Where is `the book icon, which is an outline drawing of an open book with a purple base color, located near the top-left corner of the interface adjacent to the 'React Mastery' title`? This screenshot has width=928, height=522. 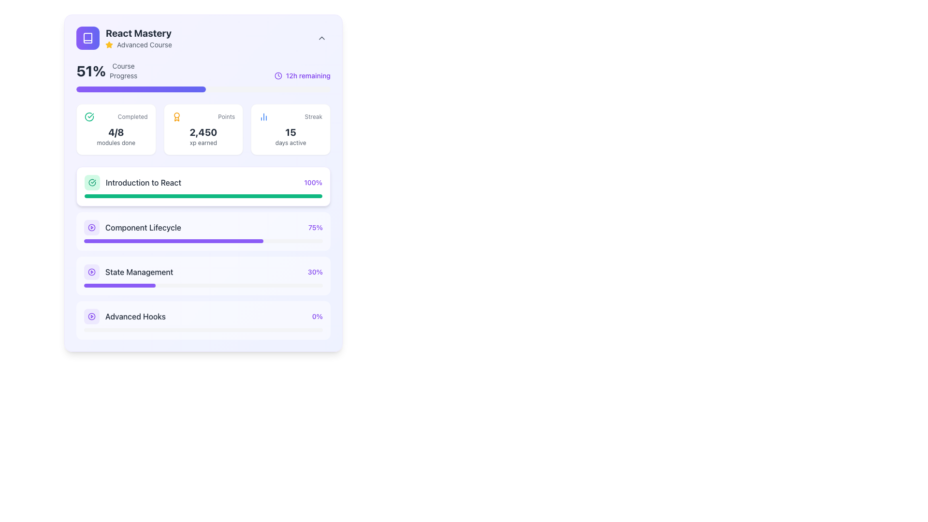
the book icon, which is an outline drawing of an open book with a purple base color, located near the top-left corner of the interface adjacent to the 'React Mastery' title is located at coordinates (88, 37).